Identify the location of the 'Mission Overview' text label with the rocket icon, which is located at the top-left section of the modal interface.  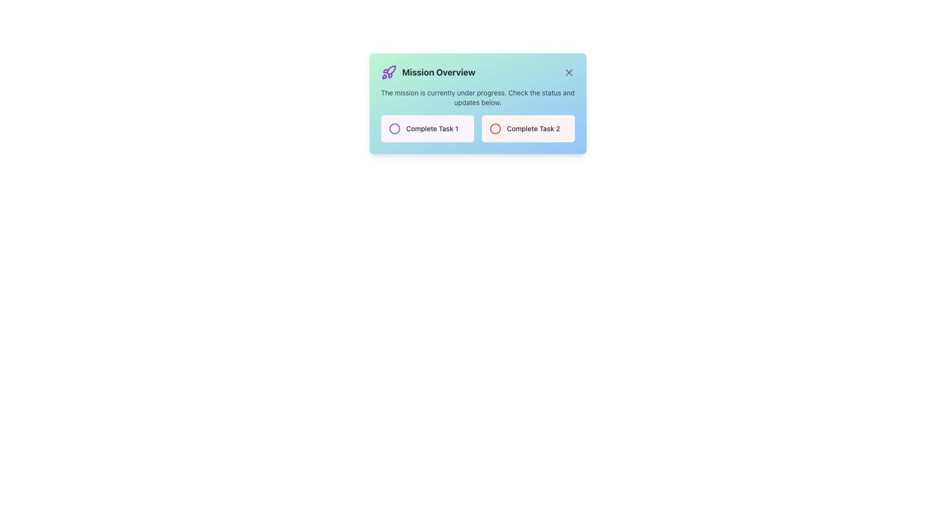
(427, 72).